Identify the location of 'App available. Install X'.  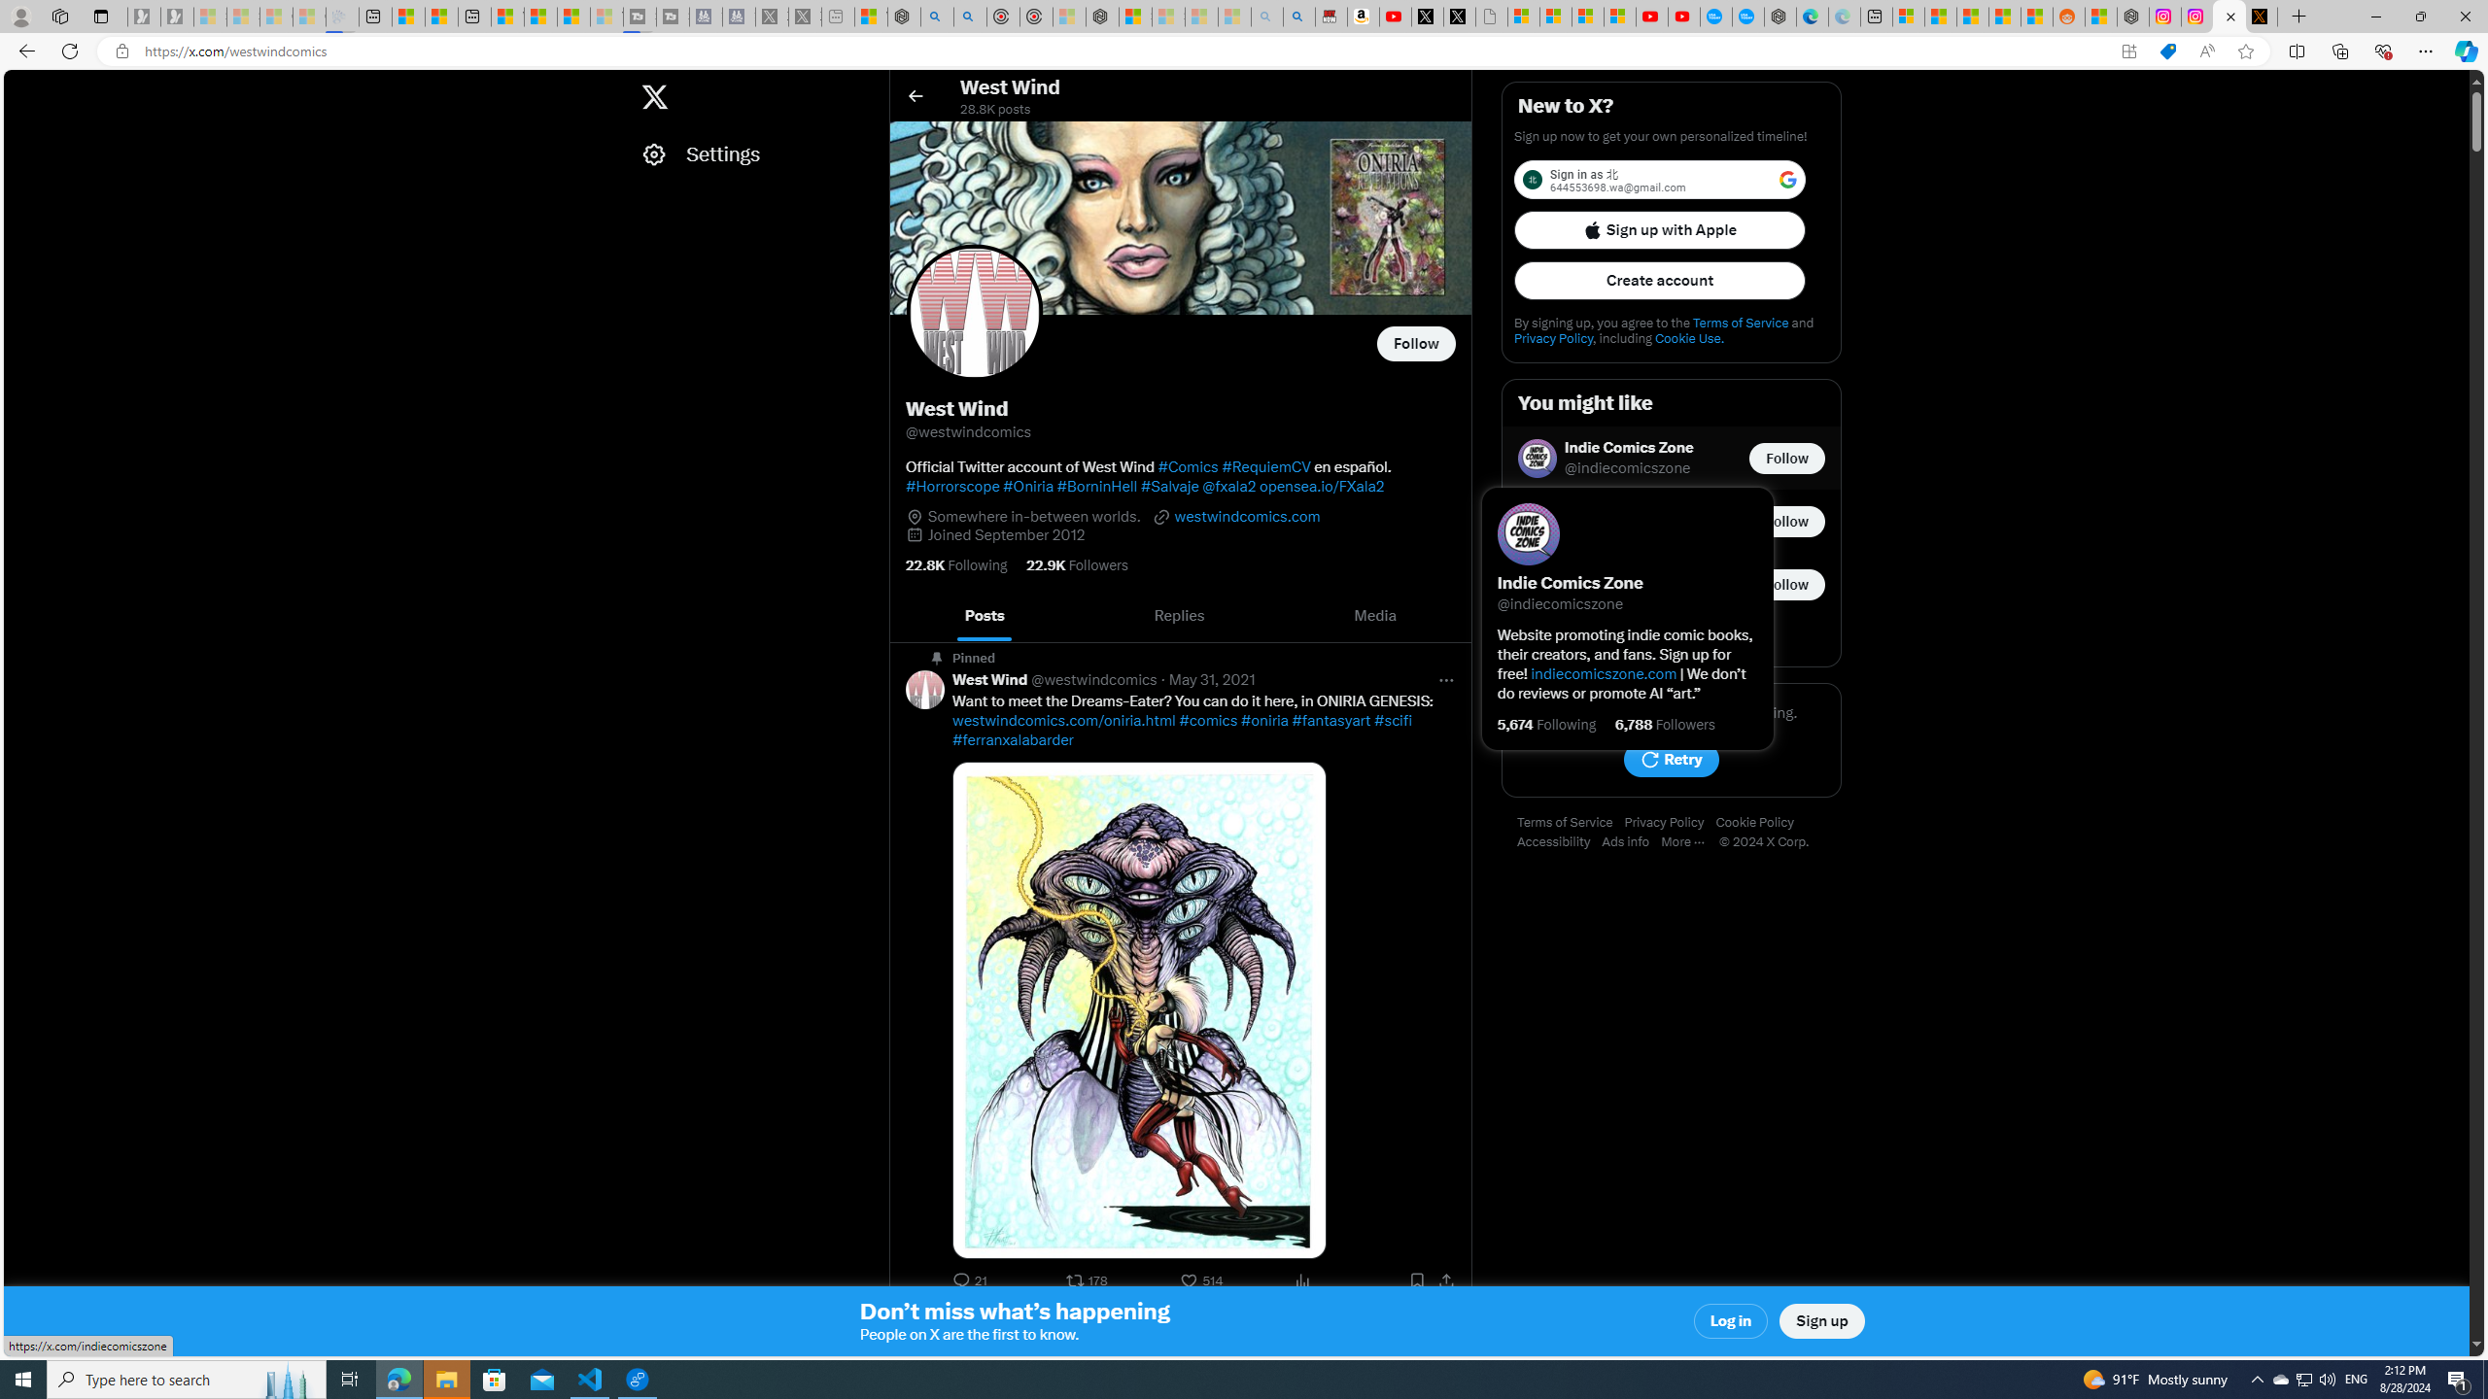
(2128, 51).